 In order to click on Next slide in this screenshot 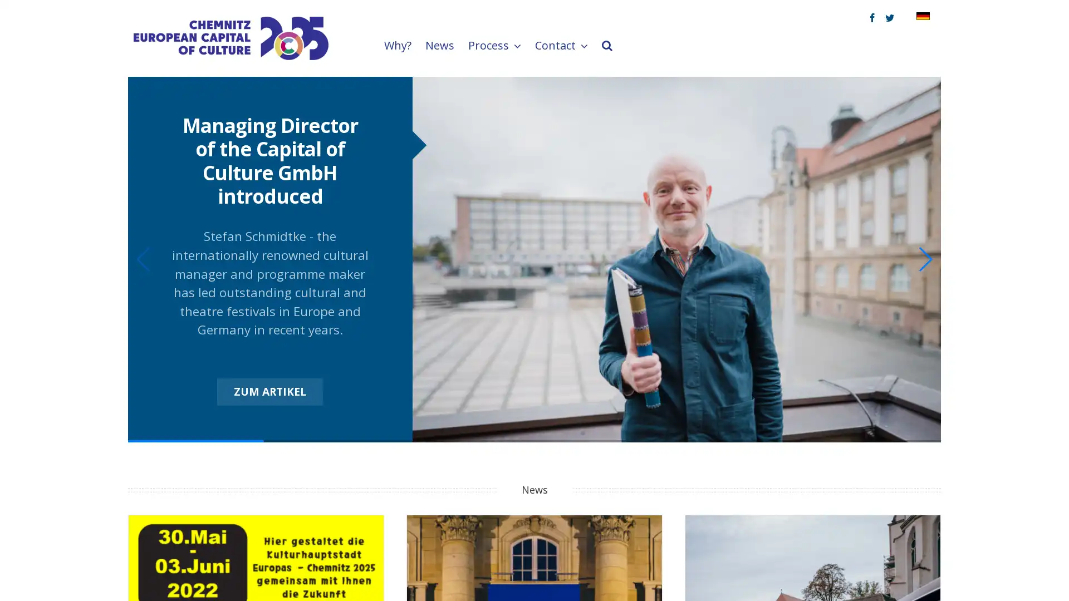, I will do `click(925, 259)`.